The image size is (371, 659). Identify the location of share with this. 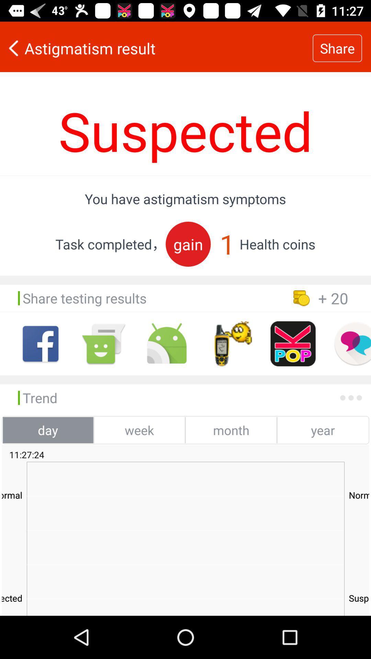
(167, 344).